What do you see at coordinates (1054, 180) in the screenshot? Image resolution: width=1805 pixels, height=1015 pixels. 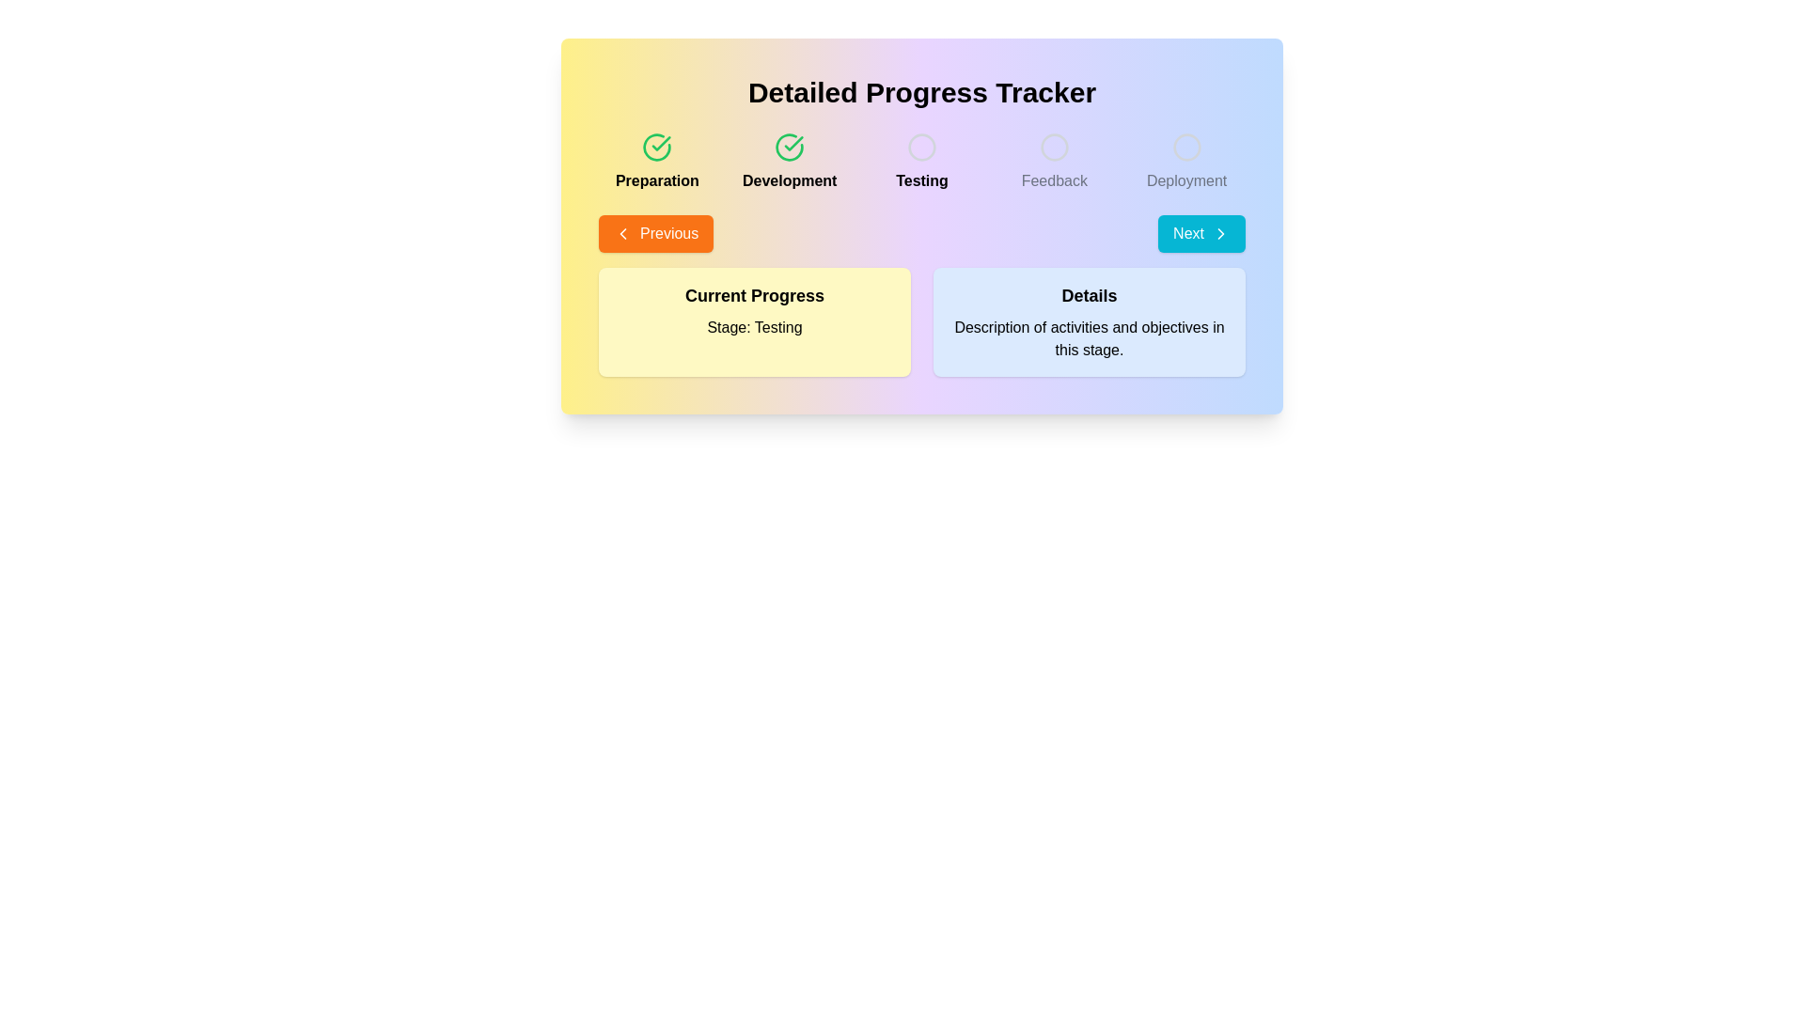 I see `the 'Feedback' label in the progress tracker, which is styled in gray and positioned below the circle indicator as the fourth stage` at bounding box center [1054, 180].